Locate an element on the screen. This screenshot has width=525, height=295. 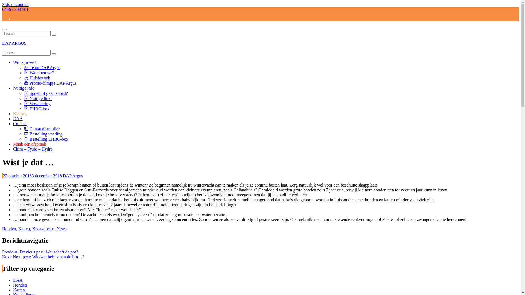
'Bestelling voeding' is located at coordinates (43, 134).